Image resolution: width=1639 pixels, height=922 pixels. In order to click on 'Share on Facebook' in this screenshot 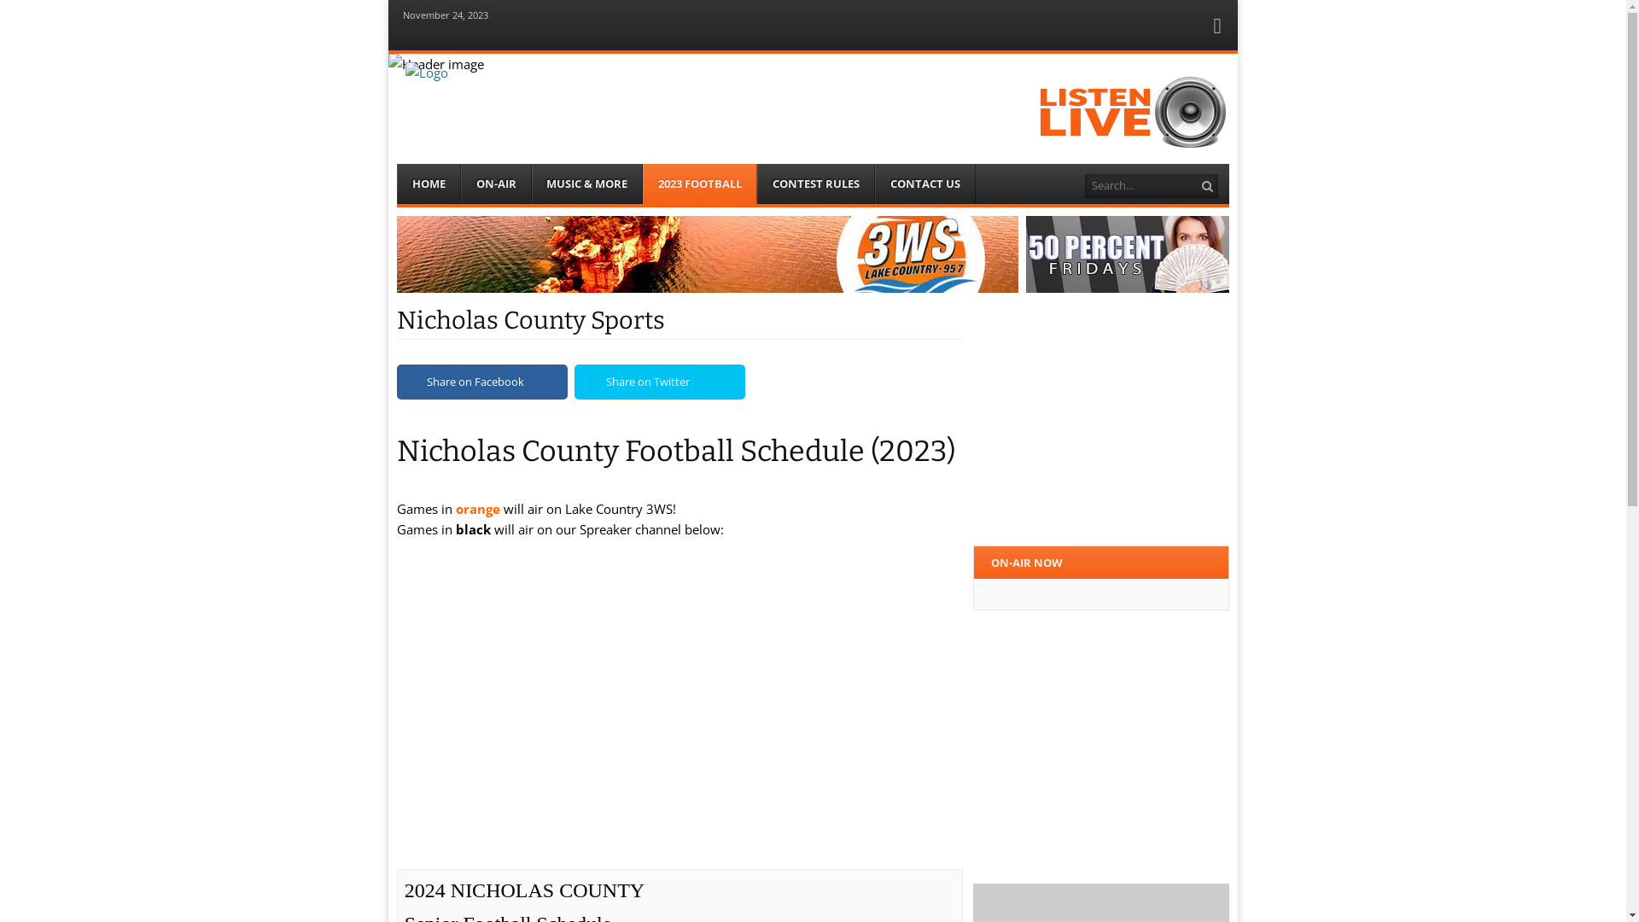, I will do `click(481, 381)`.